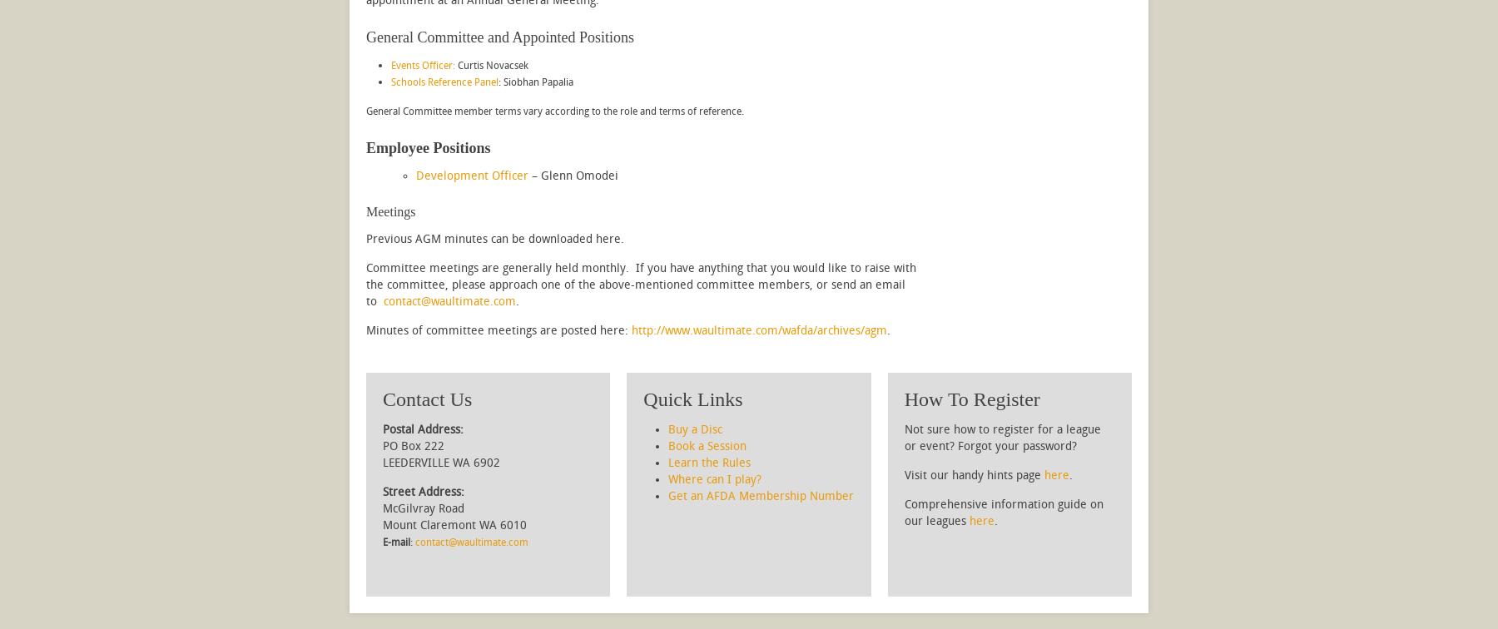  I want to click on 'Visit our handy hints page', so click(973, 475).